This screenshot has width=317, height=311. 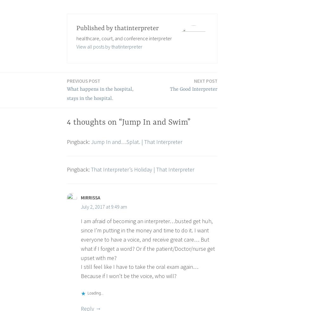 I want to click on 'View all posts by thatinterpreter', so click(x=109, y=46).